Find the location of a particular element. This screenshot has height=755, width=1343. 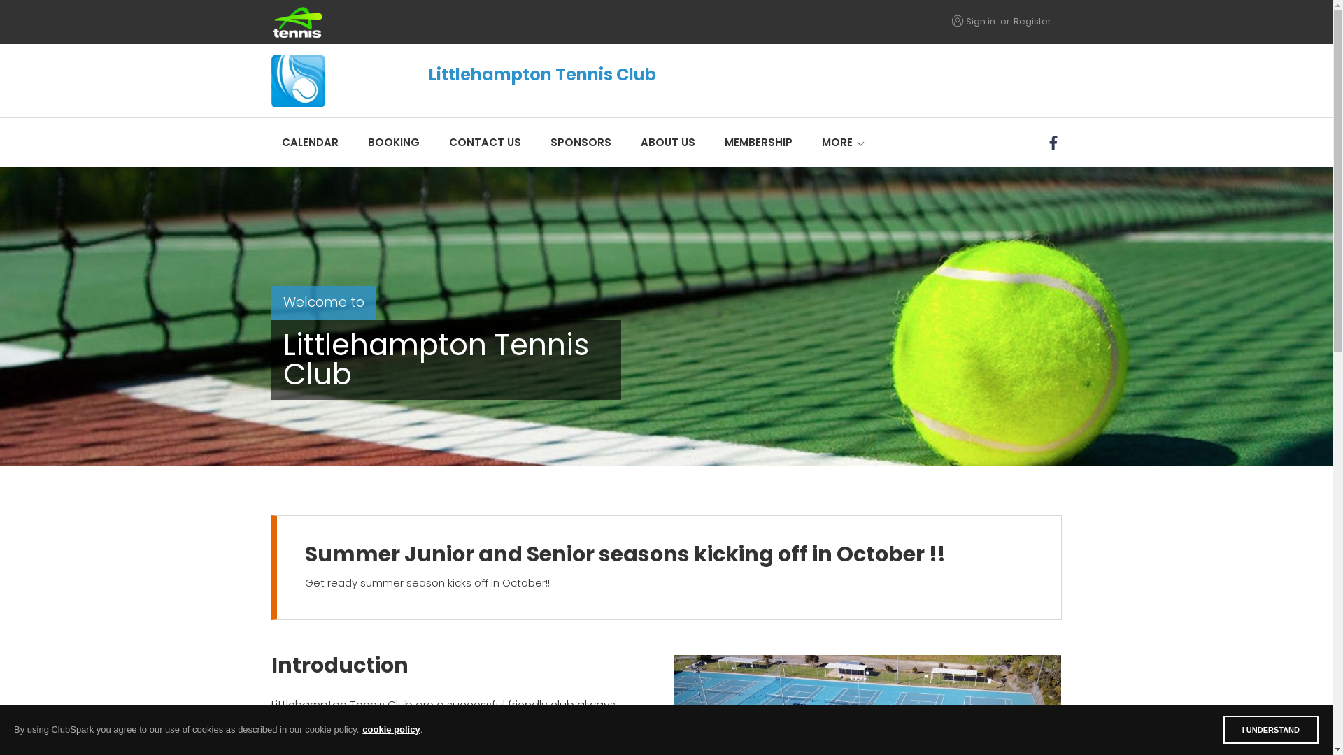

'BOOKING' is located at coordinates (392, 143).